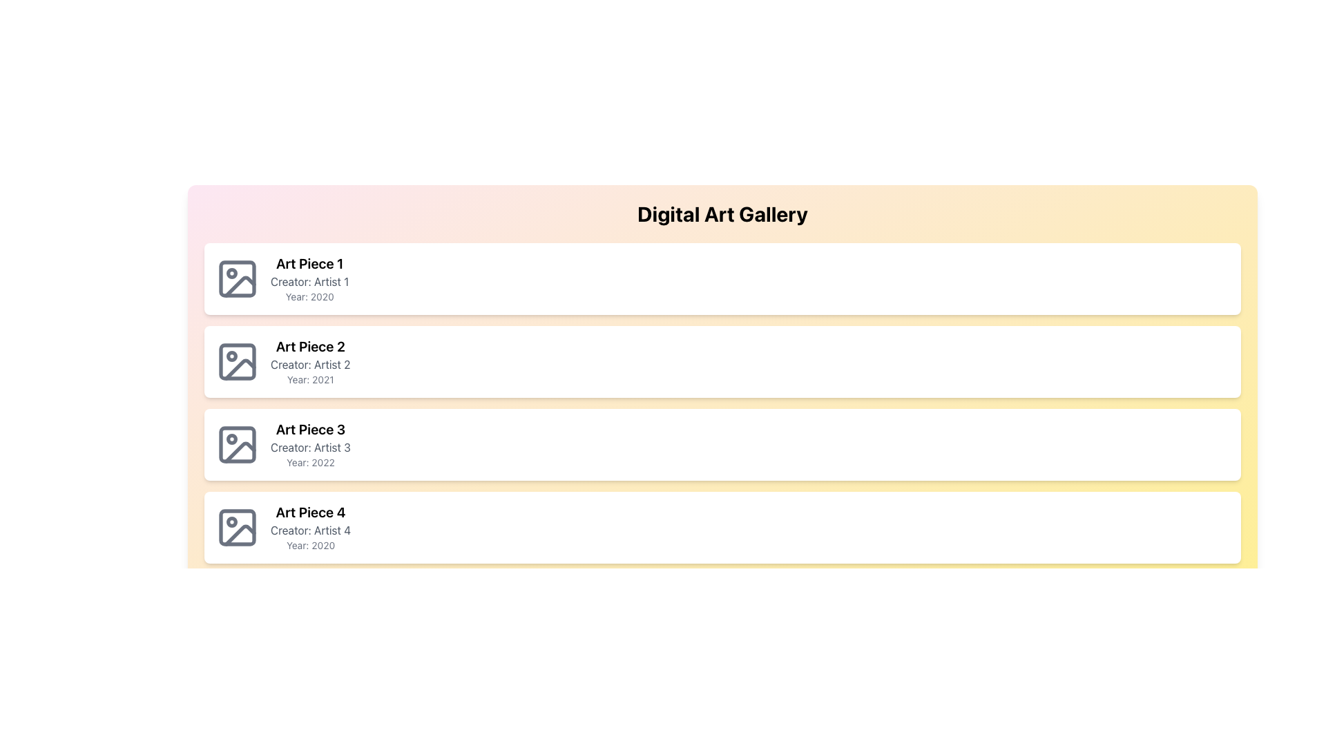 The height and width of the screenshot is (746, 1326). I want to click on the navigational button for proceeding to the next page in the pagination control, so click(1221, 676).